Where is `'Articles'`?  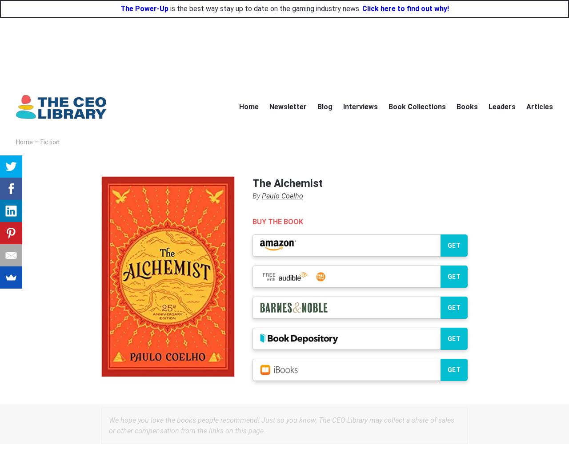 'Articles' is located at coordinates (539, 106).